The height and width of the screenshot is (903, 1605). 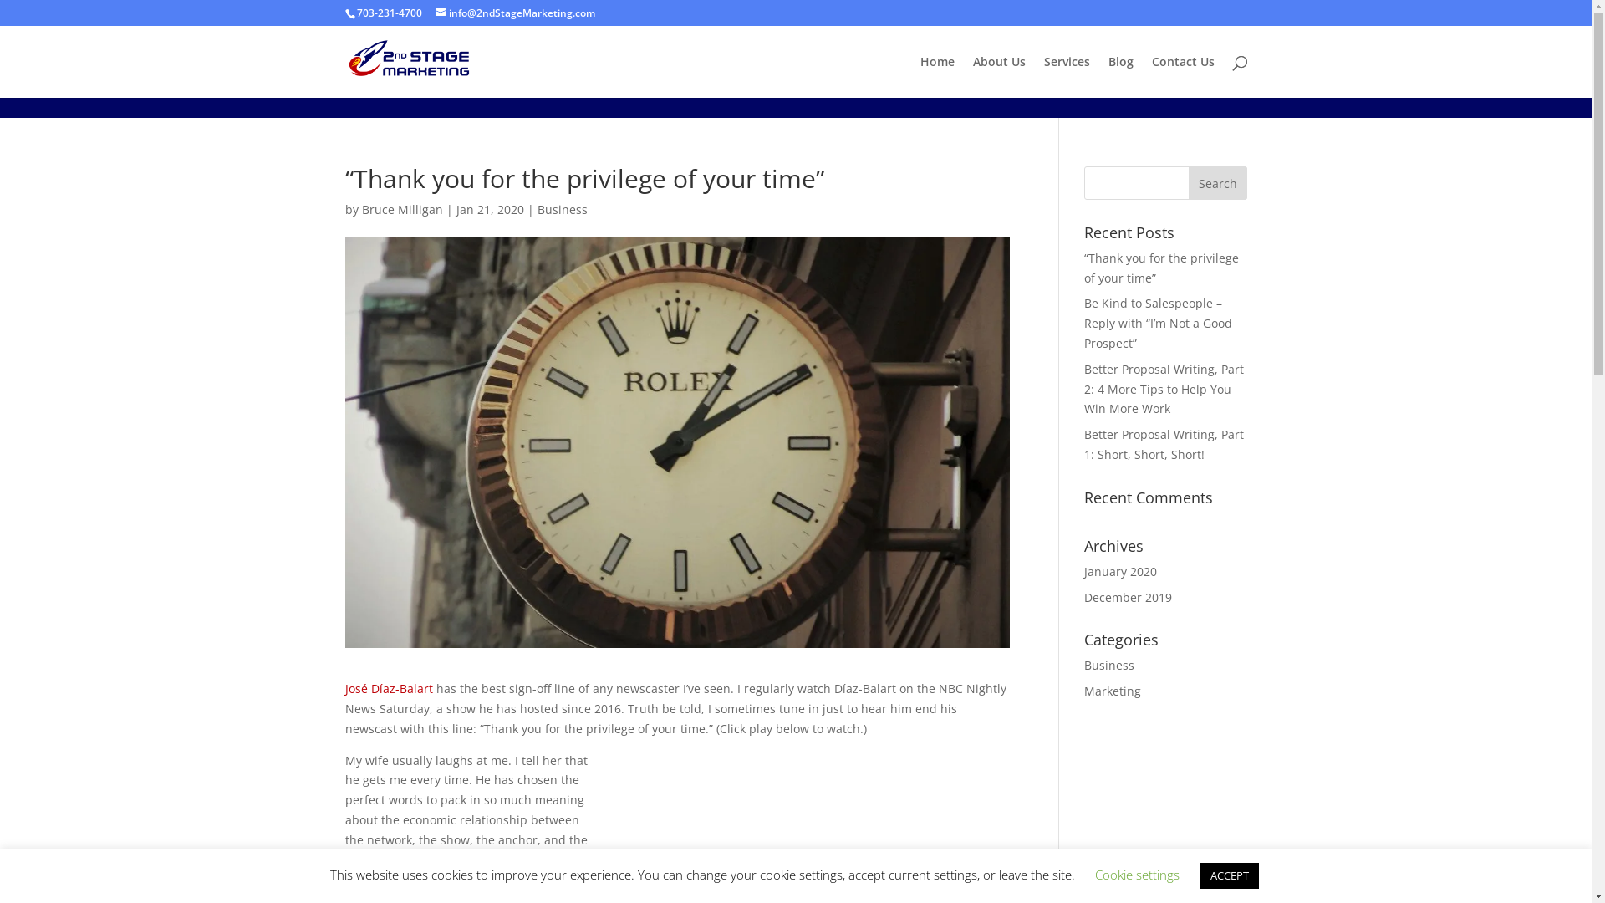 What do you see at coordinates (1218, 183) in the screenshot?
I see `'Search'` at bounding box center [1218, 183].